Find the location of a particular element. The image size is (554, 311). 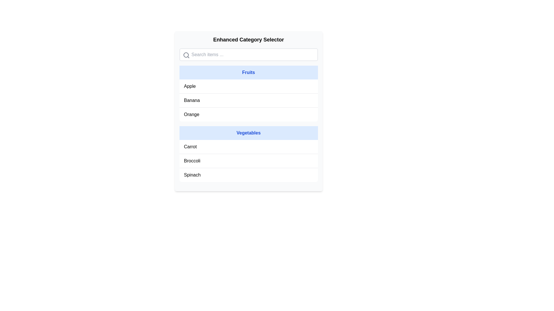

text label displaying 'Carrot' located under the 'Vegetables' section in the list is located at coordinates (190, 146).